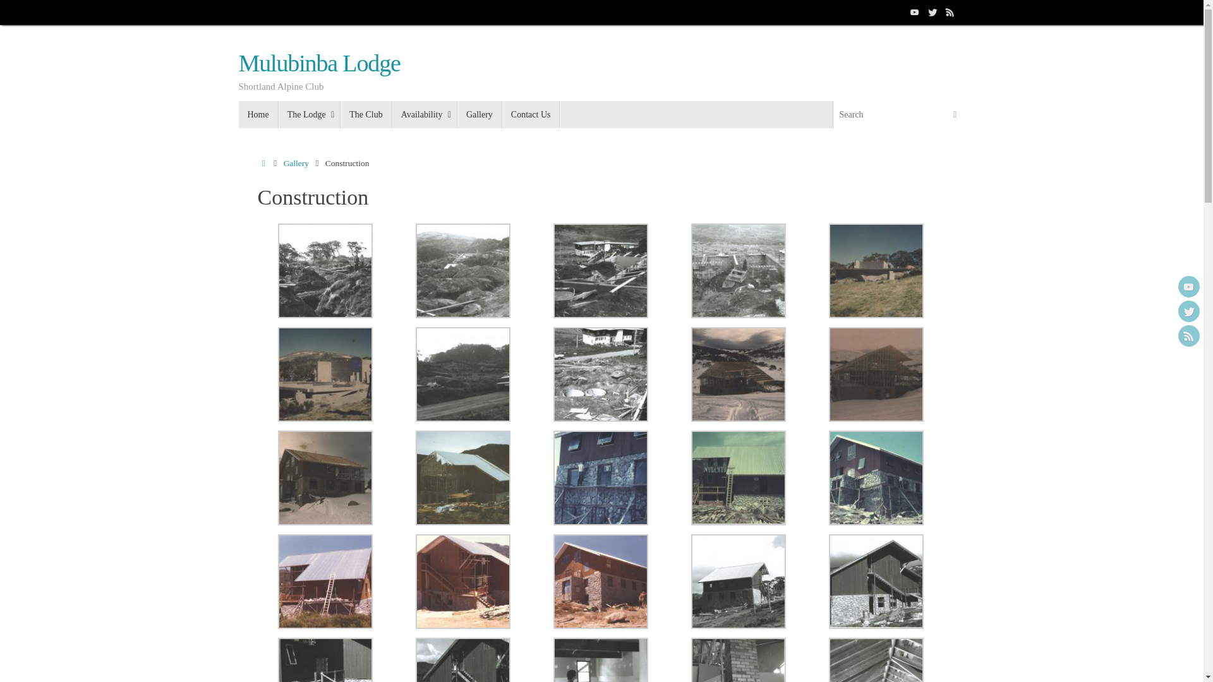 The width and height of the screenshot is (1213, 682). What do you see at coordinates (1188, 335) in the screenshot?
I see `'RSS'` at bounding box center [1188, 335].